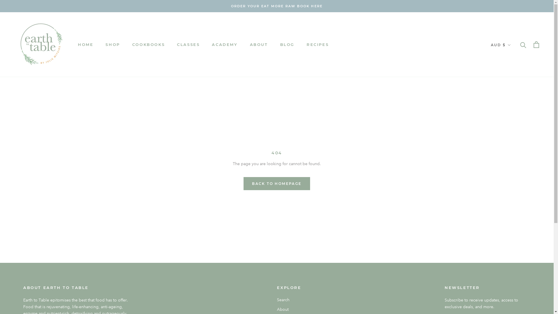  I want to click on 'CLASSES, so click(188, 44).